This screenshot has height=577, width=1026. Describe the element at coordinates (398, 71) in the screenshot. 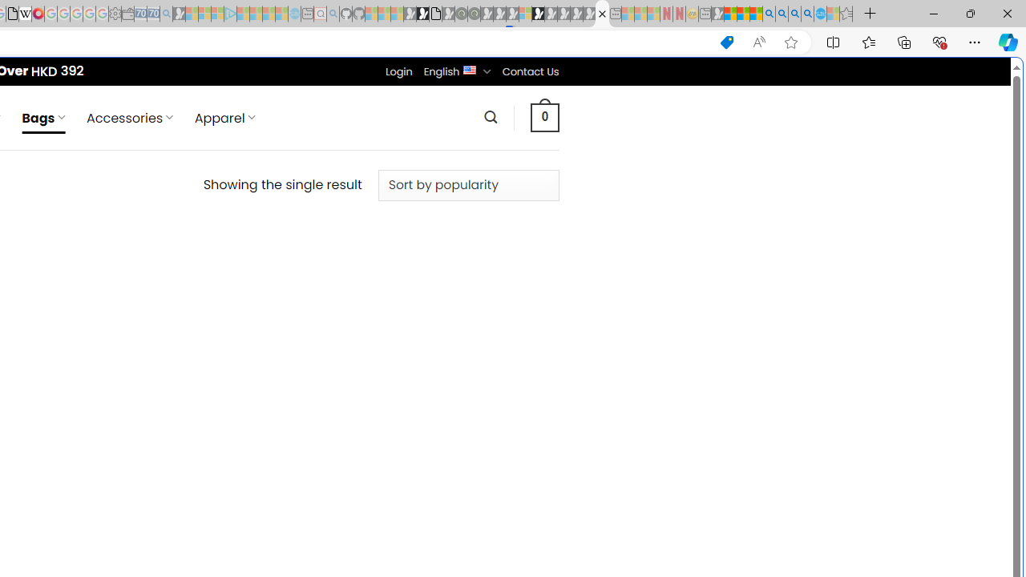

I see `'Login'` at that location.